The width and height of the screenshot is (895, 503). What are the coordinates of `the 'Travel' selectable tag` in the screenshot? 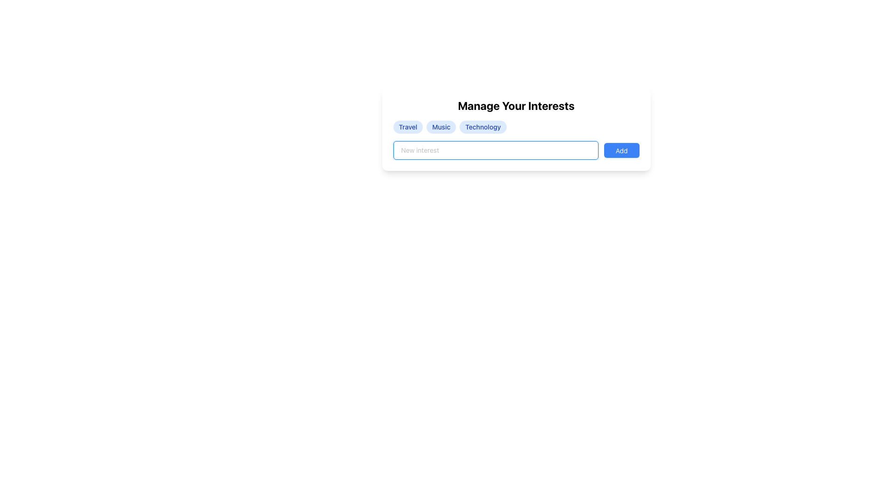 It's located at (408, 127).